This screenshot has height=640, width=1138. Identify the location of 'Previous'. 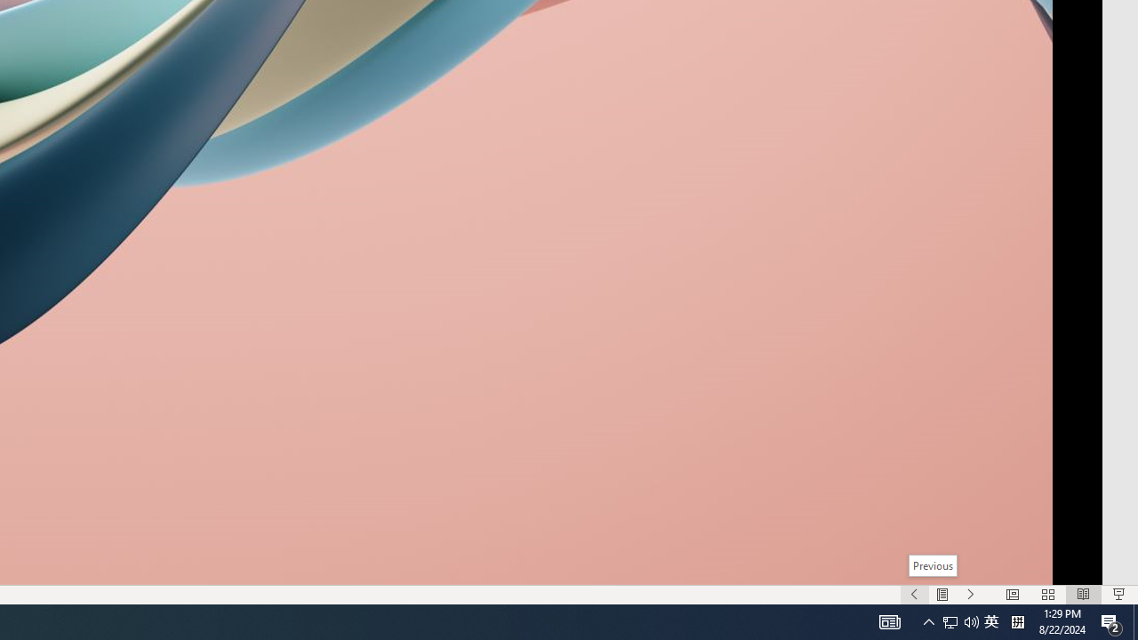
(931, 565).